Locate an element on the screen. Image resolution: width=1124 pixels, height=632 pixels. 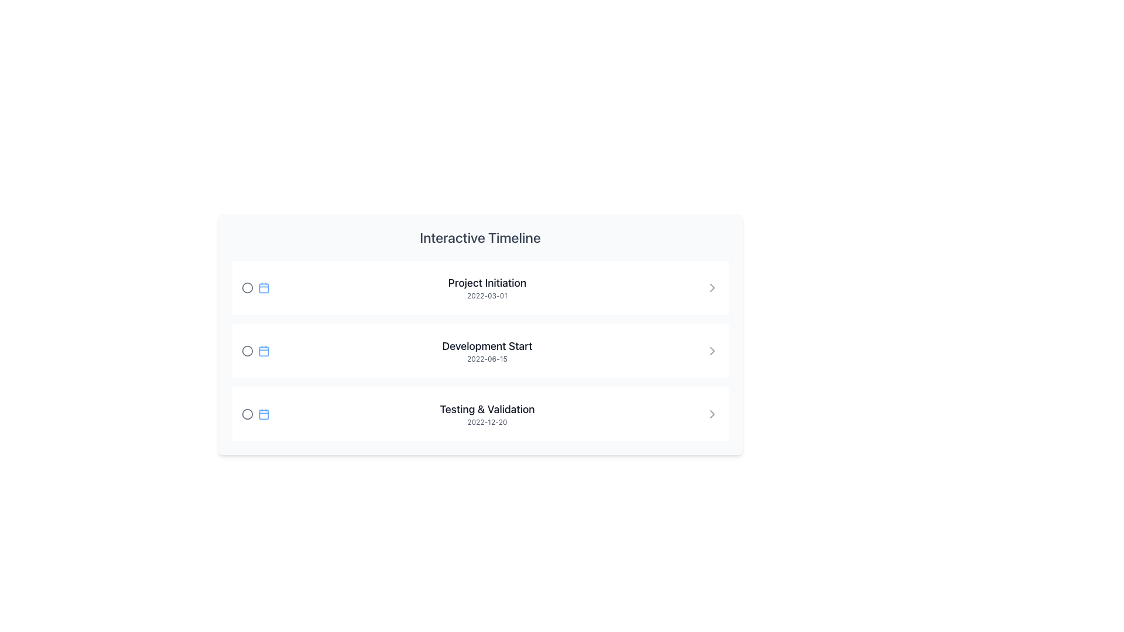
the leftmost icon in the third entry of the 'Interactive Timeline' list is located at coordinates (246, 414).